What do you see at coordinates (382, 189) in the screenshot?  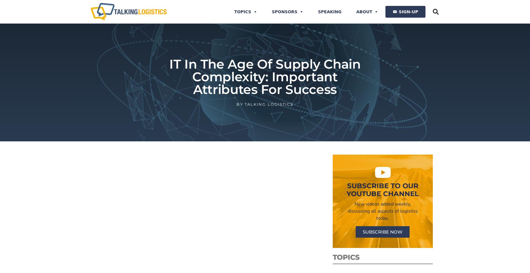 I see `'Subscribe to Our YouTube Channel'` at bounding box center [382, 189].